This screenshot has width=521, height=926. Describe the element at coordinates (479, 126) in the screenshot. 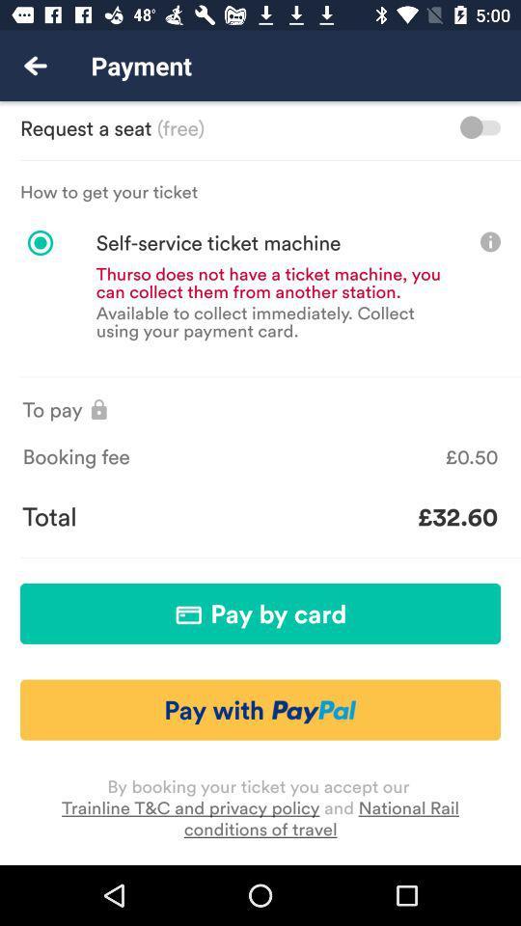

I see `seat request` at that location.